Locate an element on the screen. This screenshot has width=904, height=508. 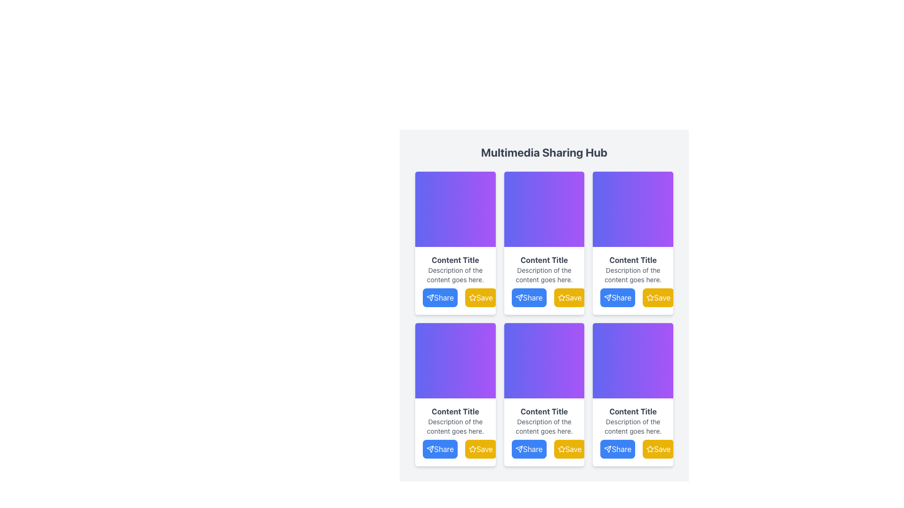
the static text element located in the rightmost column and bottom row of the card, positioned beneath the 'Content Title' and above the 'Share' and 'Save' buttons is located at coordinates (633, 426).